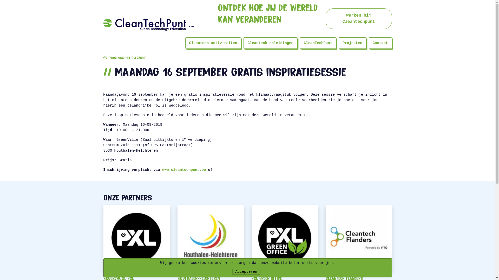  I want to click on 'CleanTechPunt', so click(318, 43).